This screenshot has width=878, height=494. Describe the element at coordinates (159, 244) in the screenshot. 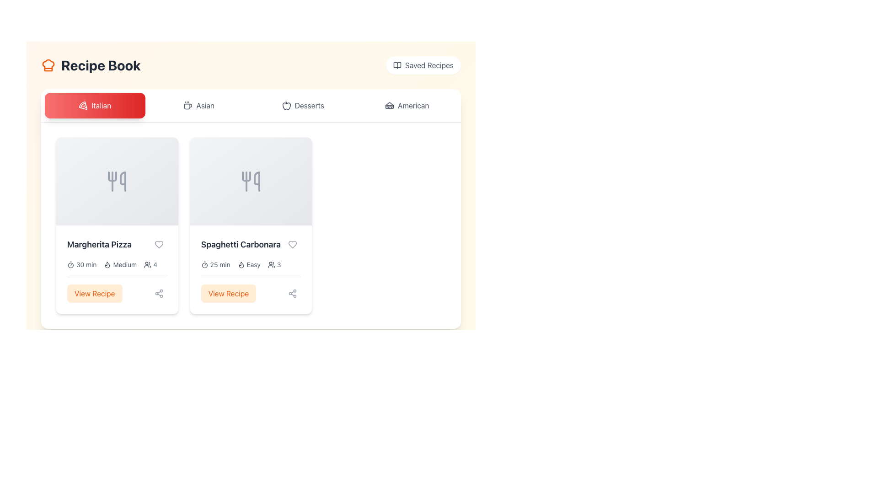

I see `the heart-shaped icon located in the top-right corner of the 'Margherita Pizza' card` at that location.